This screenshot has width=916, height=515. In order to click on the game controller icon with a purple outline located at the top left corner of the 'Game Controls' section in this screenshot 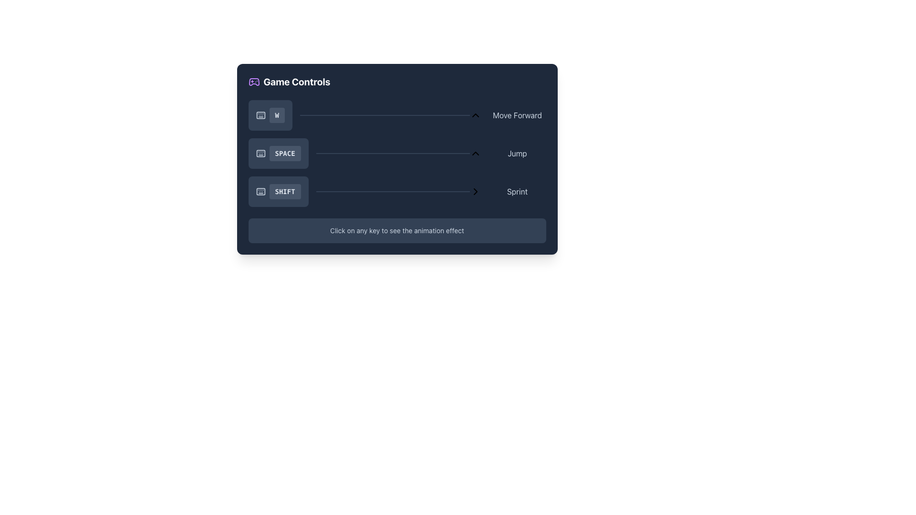, I will do `click(254, 82)`.